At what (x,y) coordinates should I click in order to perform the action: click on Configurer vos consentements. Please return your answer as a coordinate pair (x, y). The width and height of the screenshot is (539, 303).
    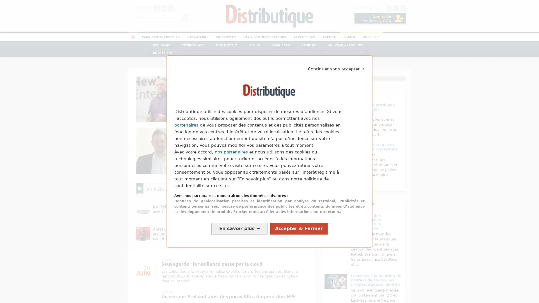
    Looking at the image, I should click on (239, 228).